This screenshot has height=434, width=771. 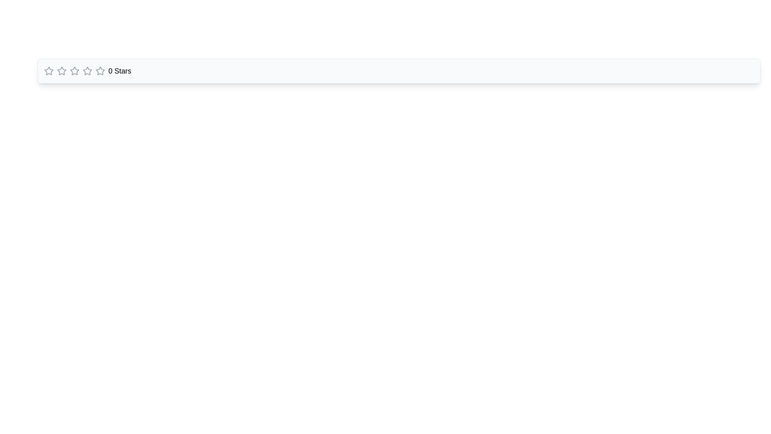 I want to click on the third star icon in the rating system, so click(x=87, y=70).